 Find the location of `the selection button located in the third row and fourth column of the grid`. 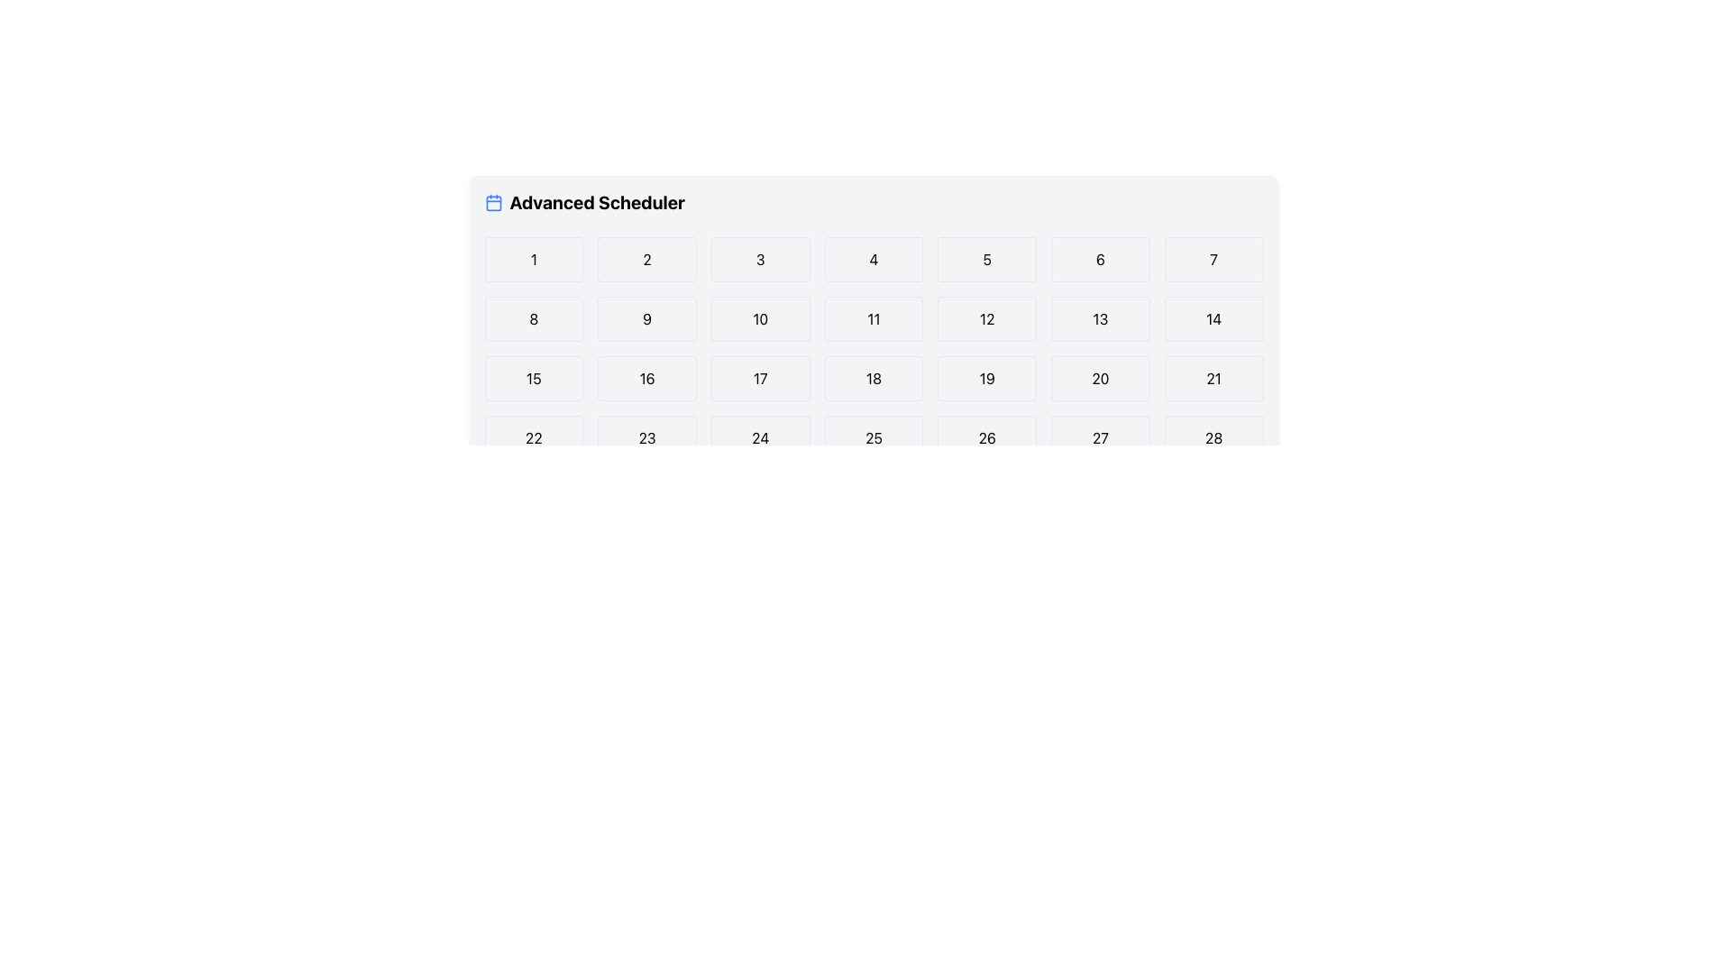

the selection button located in the third row and fourth column of the grid is located at coordinates (874, 378).